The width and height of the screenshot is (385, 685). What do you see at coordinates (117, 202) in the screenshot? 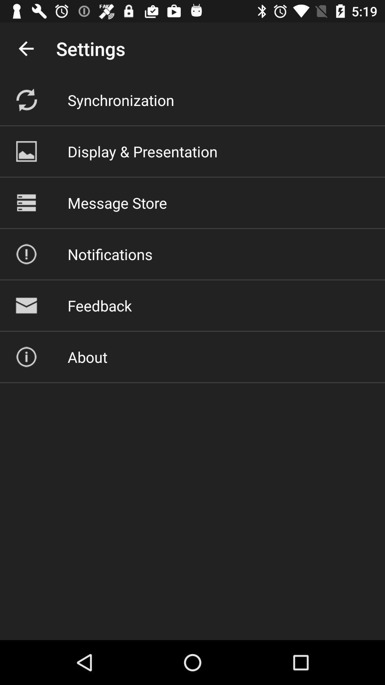
I see `the icon below the display & presentation item` at bounding box center [117, 202].